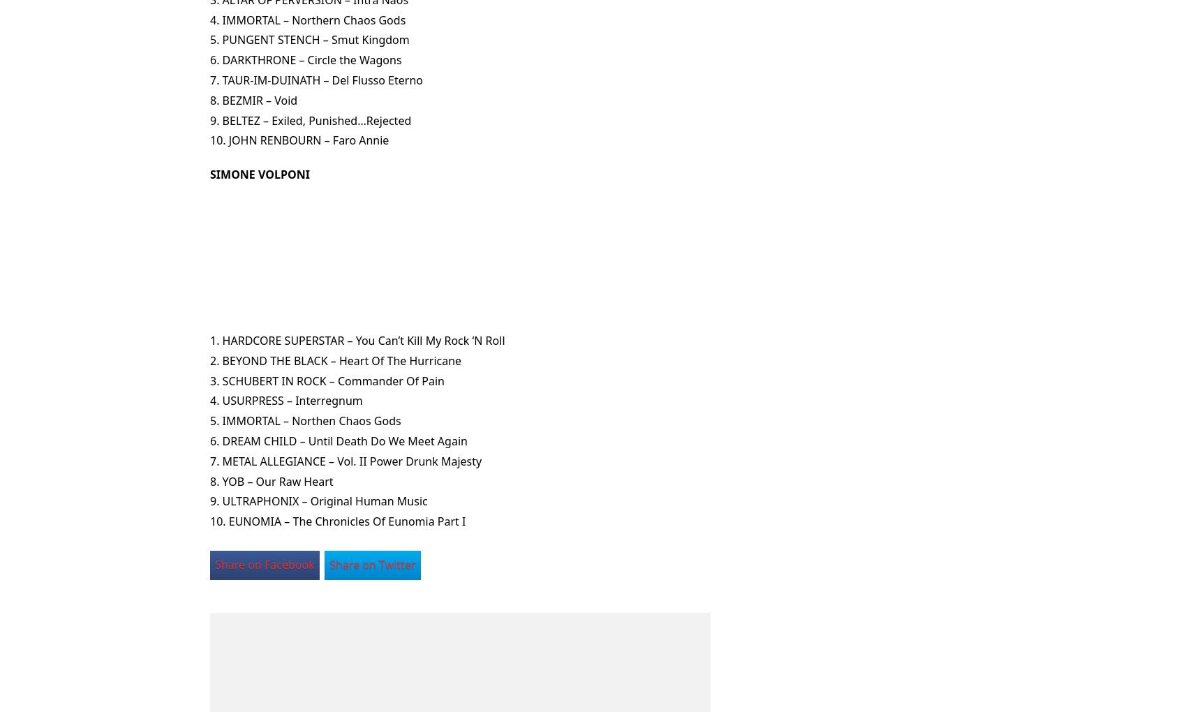  I want to click on '4. USURPRESS – Interregnum', so click(285, 400).